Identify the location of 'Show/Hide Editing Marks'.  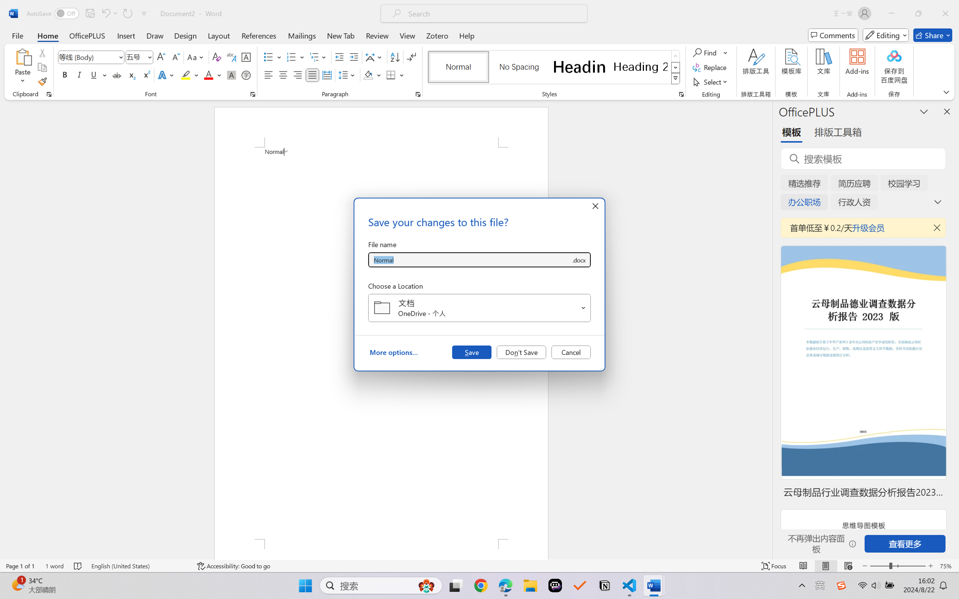
(411, 57).